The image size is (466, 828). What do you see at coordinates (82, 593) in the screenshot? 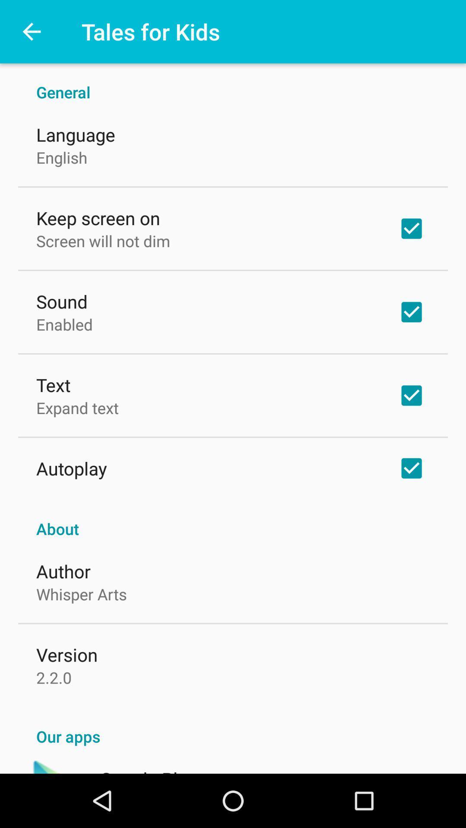
I see `whisper arts` at bounding box center [82, 593].